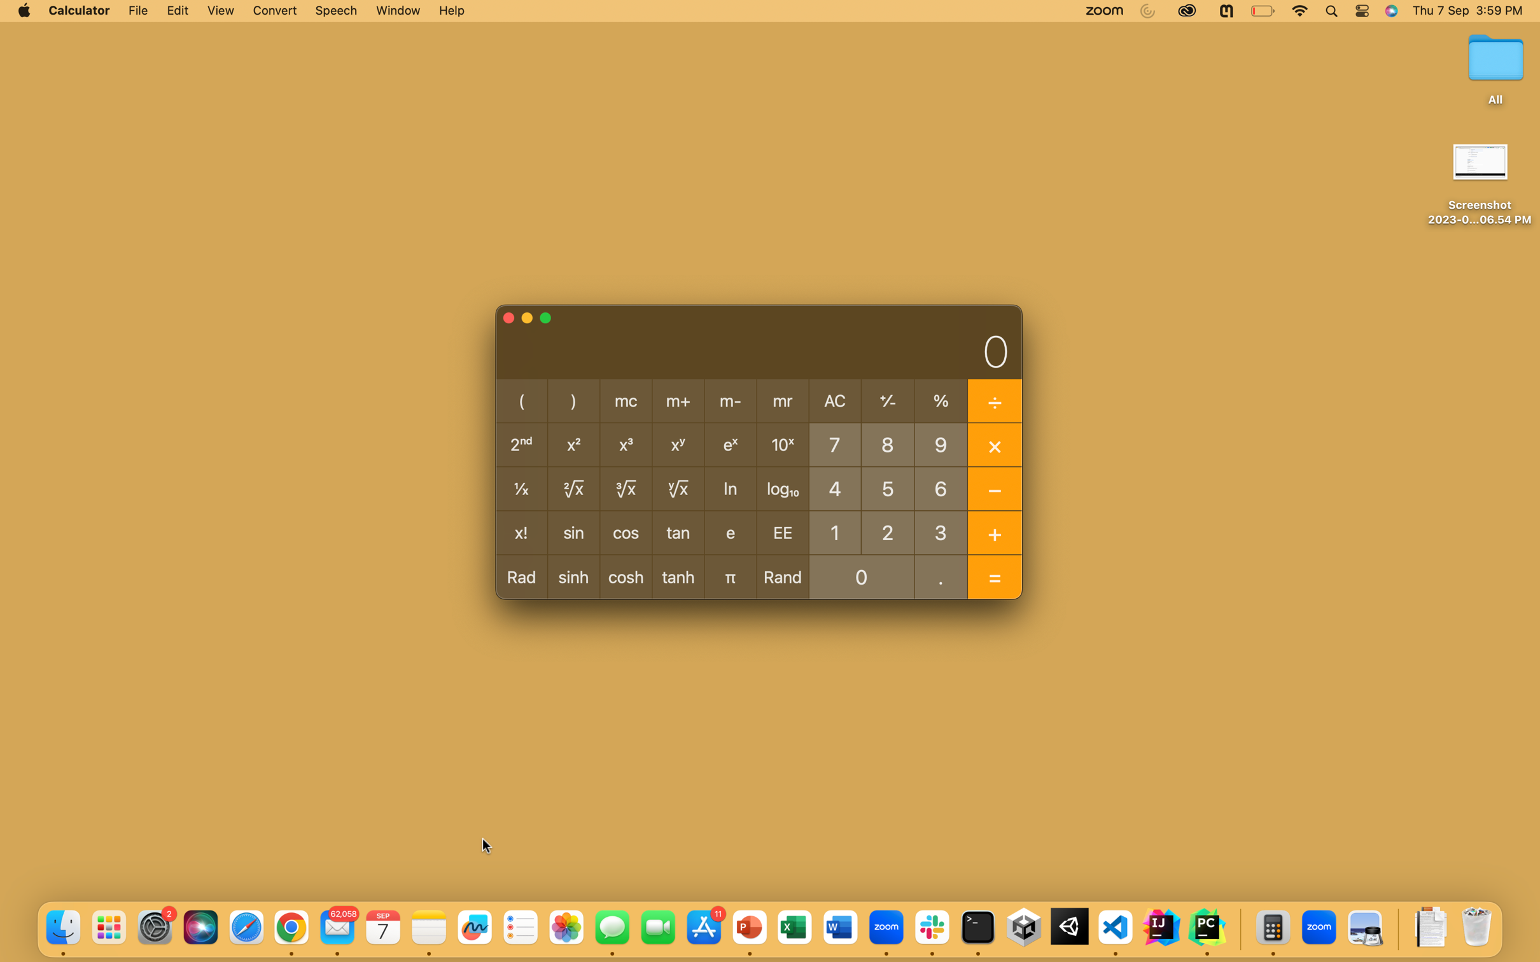 This screenshot has width=1540, height=962. Describe the element at coordinates (834, 531) in the screenshot. I see `Calculate the logarithm base 10 of 100` at that location.